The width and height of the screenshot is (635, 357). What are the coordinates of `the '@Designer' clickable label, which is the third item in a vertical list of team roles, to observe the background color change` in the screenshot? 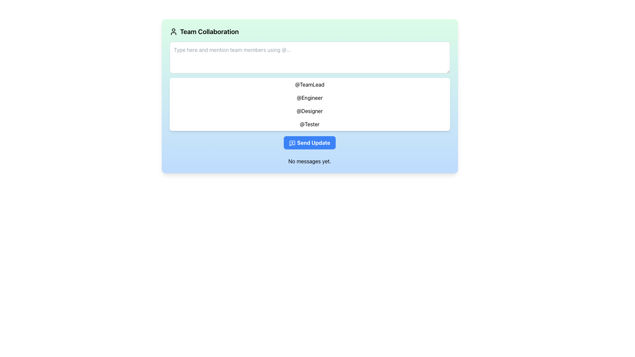 It's located at (309, 110).